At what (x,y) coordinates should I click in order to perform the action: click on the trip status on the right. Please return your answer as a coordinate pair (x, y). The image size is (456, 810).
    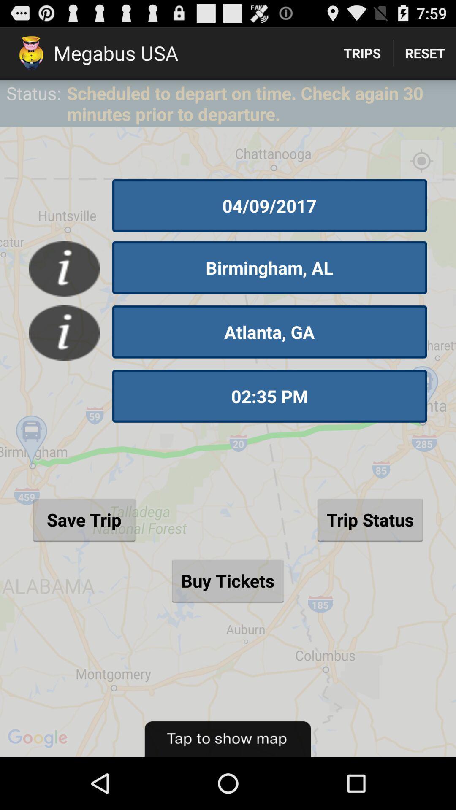
    Looking at the image, I should click on (369, 519).